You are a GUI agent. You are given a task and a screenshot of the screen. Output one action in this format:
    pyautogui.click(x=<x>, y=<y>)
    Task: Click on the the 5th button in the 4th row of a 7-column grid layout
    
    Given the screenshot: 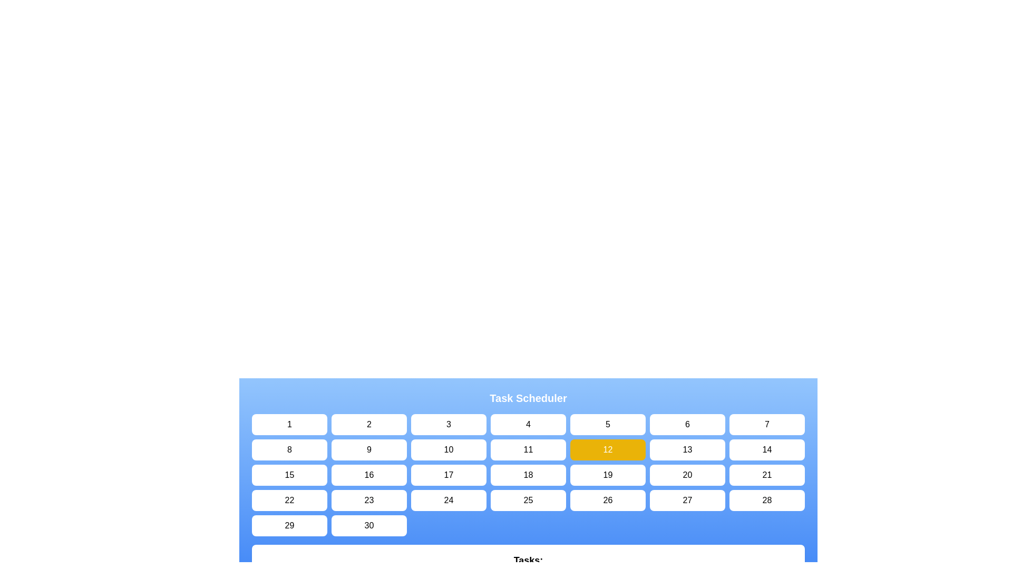 What is the action you would take?
    pyautogui.click(x=608, y=499)
    